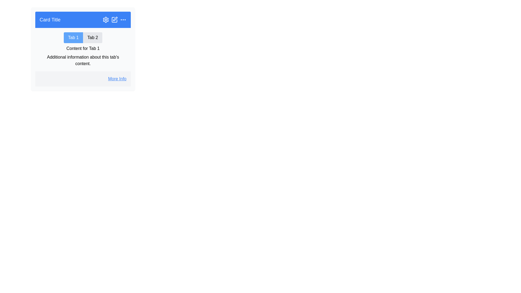  I want to click on the edit button, the third icon from the left in the top-right section of the blue header bar of the card component, so click(114, 20).